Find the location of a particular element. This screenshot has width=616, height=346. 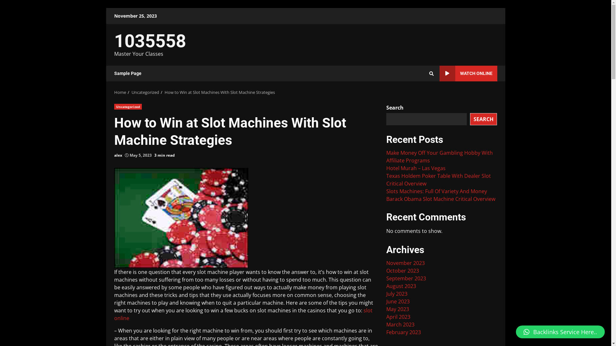

'Skip to content' is located at coordinates (106, 8).